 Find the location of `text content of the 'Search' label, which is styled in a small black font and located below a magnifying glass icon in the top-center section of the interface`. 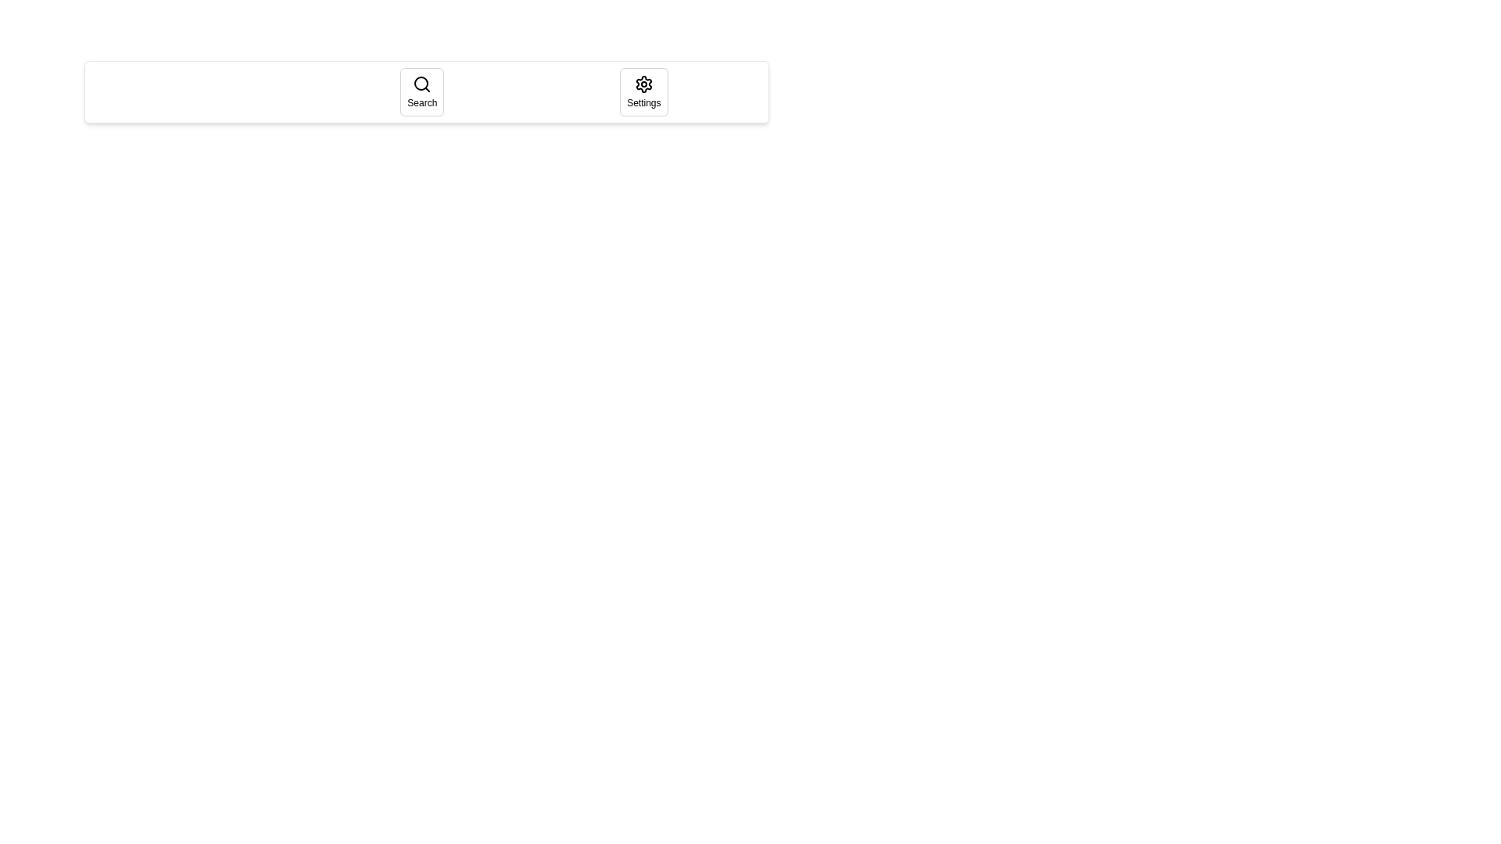

text content of the 'Search' label, which is styled in a small black font and located below a magnifying glass icon in the top-center section of the interface is located at coordinates (422, 102).